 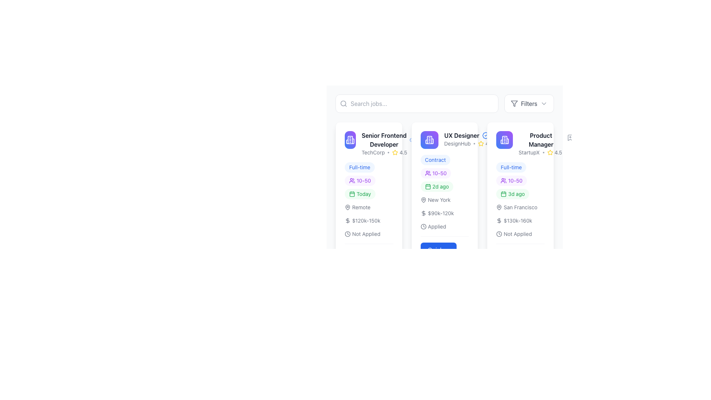 I want to click on the decorative part of the calendar icon located within the 'UX Designer' job card, so click(x=428, y=186).